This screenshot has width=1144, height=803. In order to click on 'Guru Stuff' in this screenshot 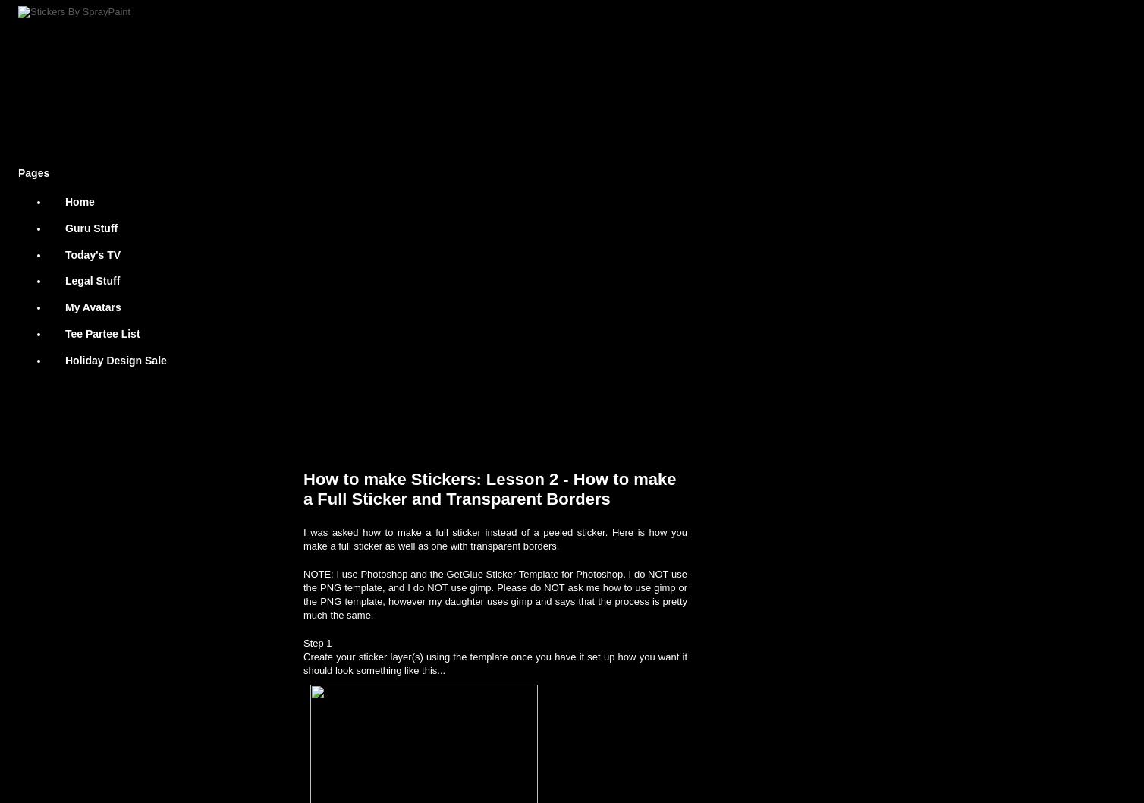, I will do `click(91, 227)`.